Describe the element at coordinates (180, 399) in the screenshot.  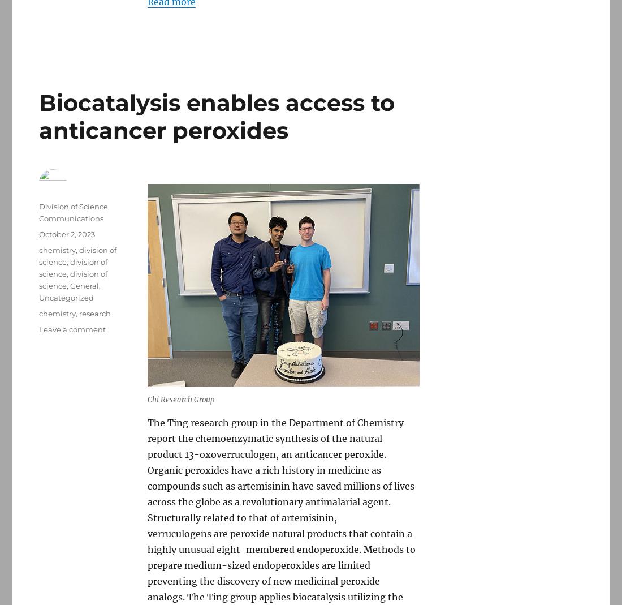
I see `'Chi Research Group'` at that location.